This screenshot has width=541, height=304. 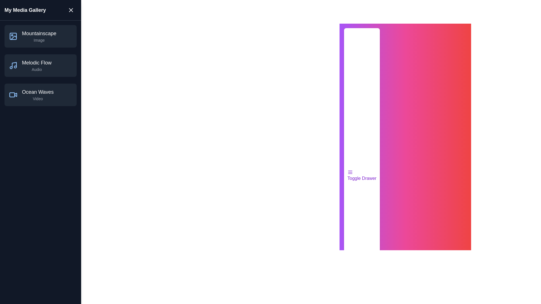 What do you see at coordinates (71, 10) in the screenshot?
I see `the close button to close the drawer` at bounding box center [71, 10].